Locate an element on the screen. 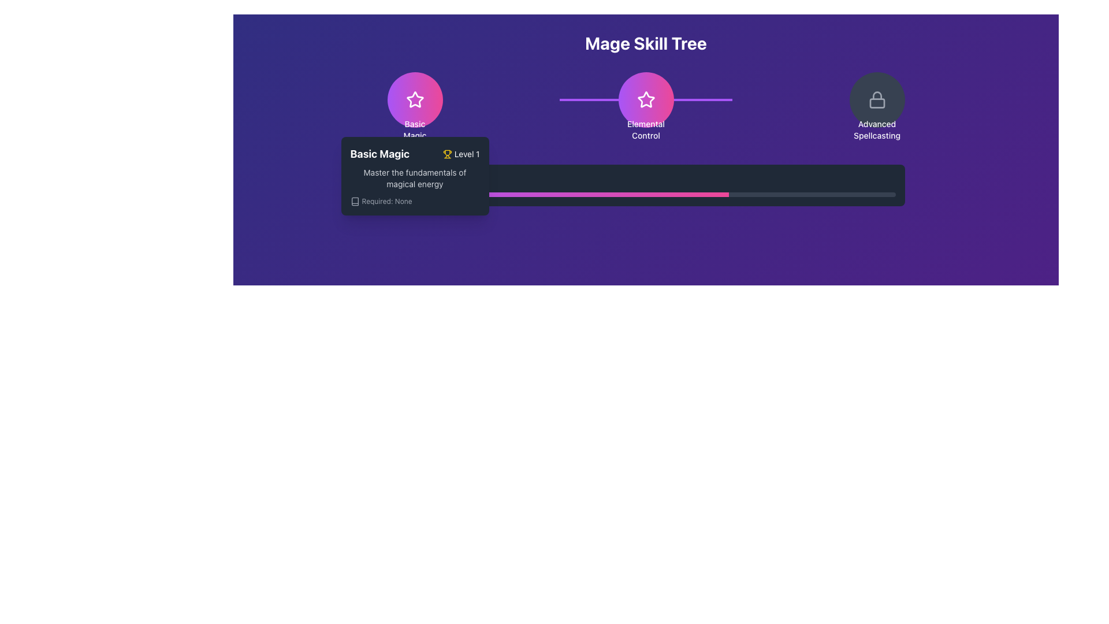 The height and width of the screenshot is (624, 1109). the text label that reads 'Elemental Control', which is positioned centrally below a circular button on the skill tree interface is located at coordinates (645, 129).